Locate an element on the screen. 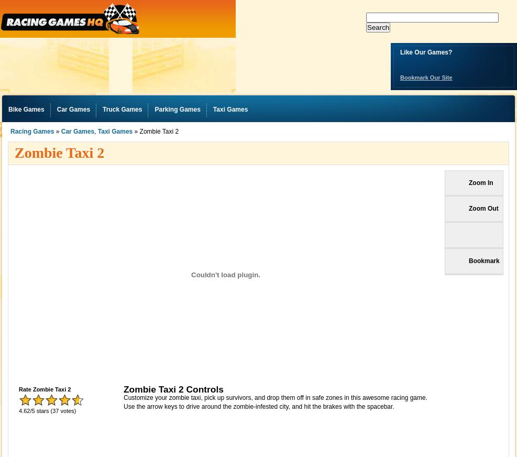 This screenshot has width=517, height=457. 'Zombie Taxi 2 Controls' is located at coordinates (123, 388).